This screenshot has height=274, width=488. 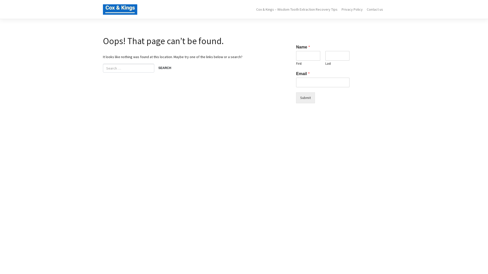 What do you see at coordinates (128, 68) in the screenshot?
I see `'Search for:'` at bounding box center [128, 68].